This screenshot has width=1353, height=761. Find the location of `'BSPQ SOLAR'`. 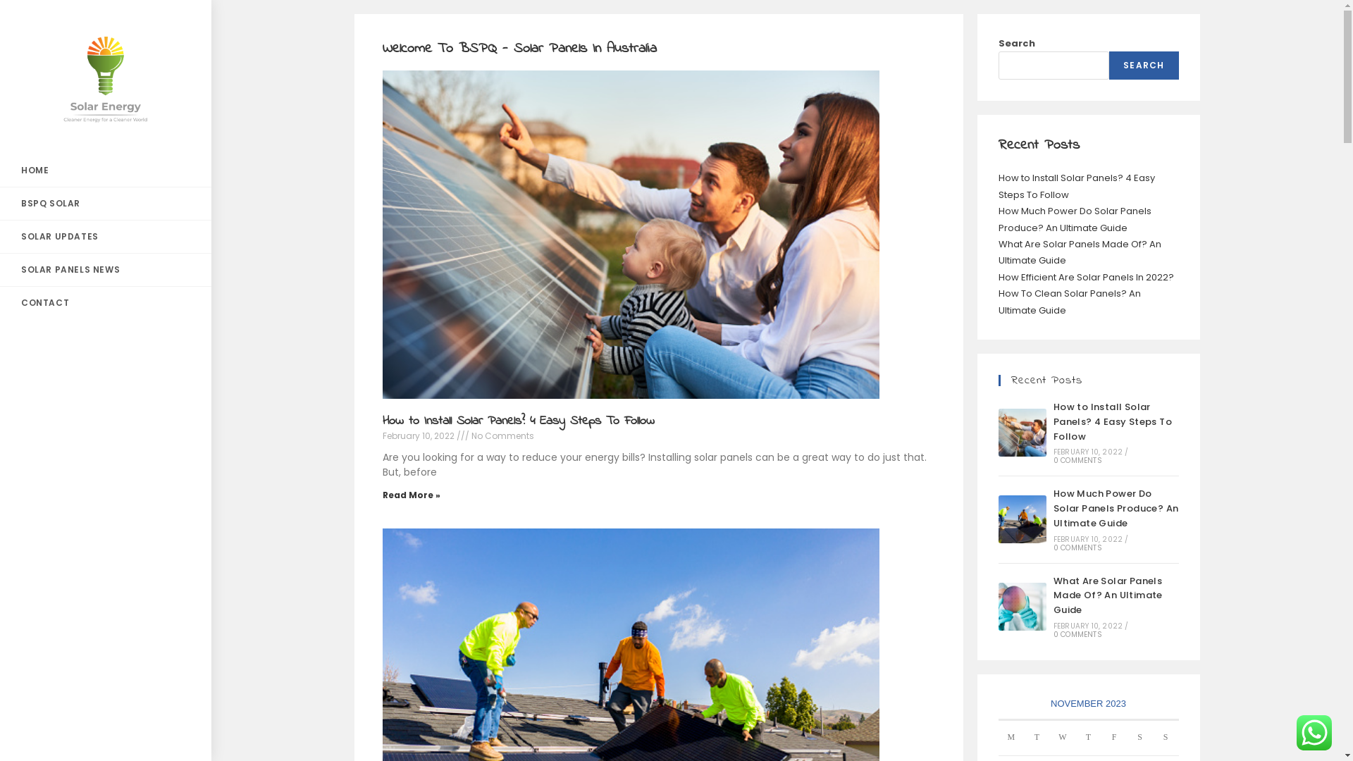

'BSPQ SOLAR' is located at coordinates (104, 204).